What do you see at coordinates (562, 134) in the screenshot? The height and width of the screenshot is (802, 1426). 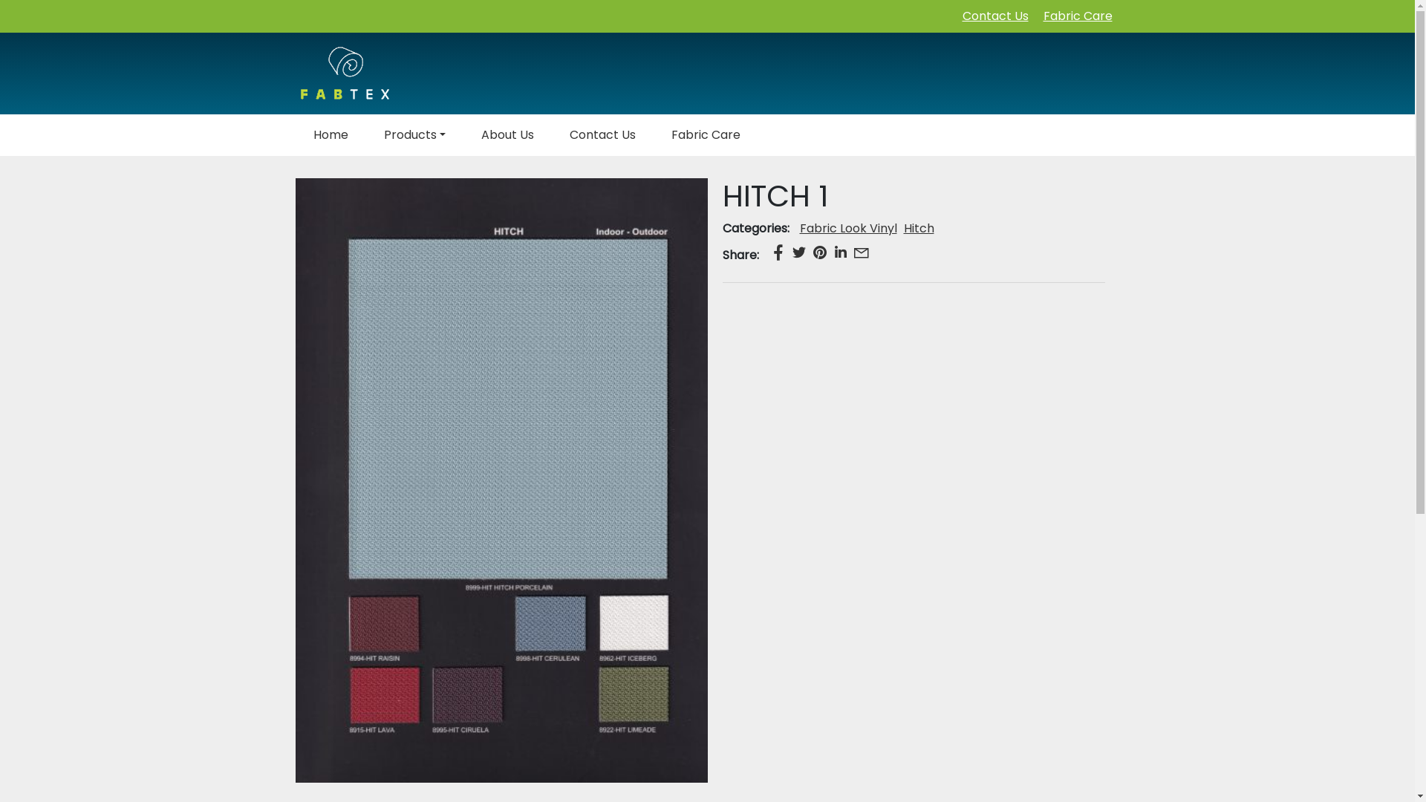 I see `'Contact Us'` at bounding box center [562, 134].